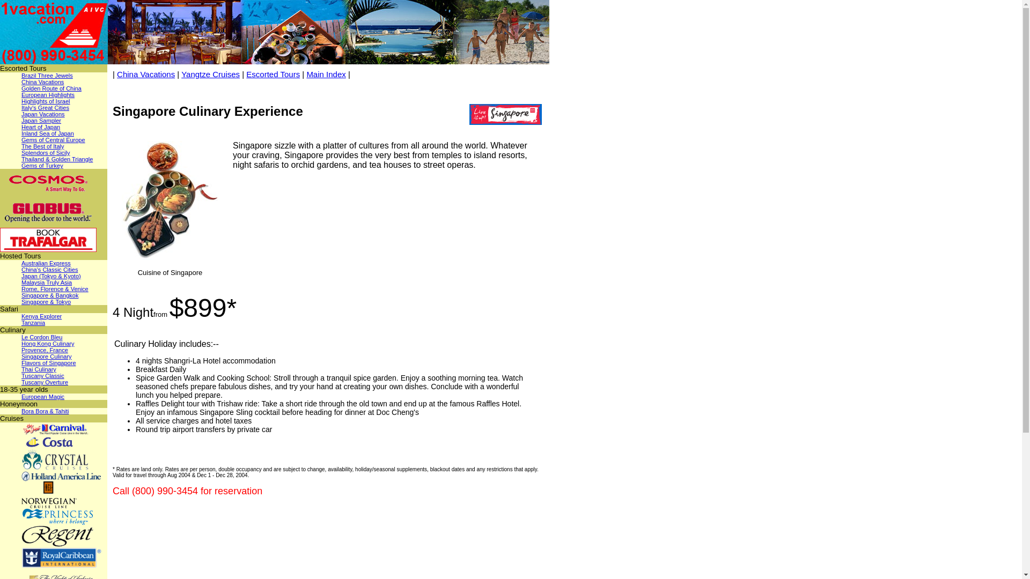 Image resolution: width=1030 pixels, height=579 pixels. Describe the element at coordinates (56, 159) in the screenshot. I see `'Thailand & Golden Triangle'` at that location.